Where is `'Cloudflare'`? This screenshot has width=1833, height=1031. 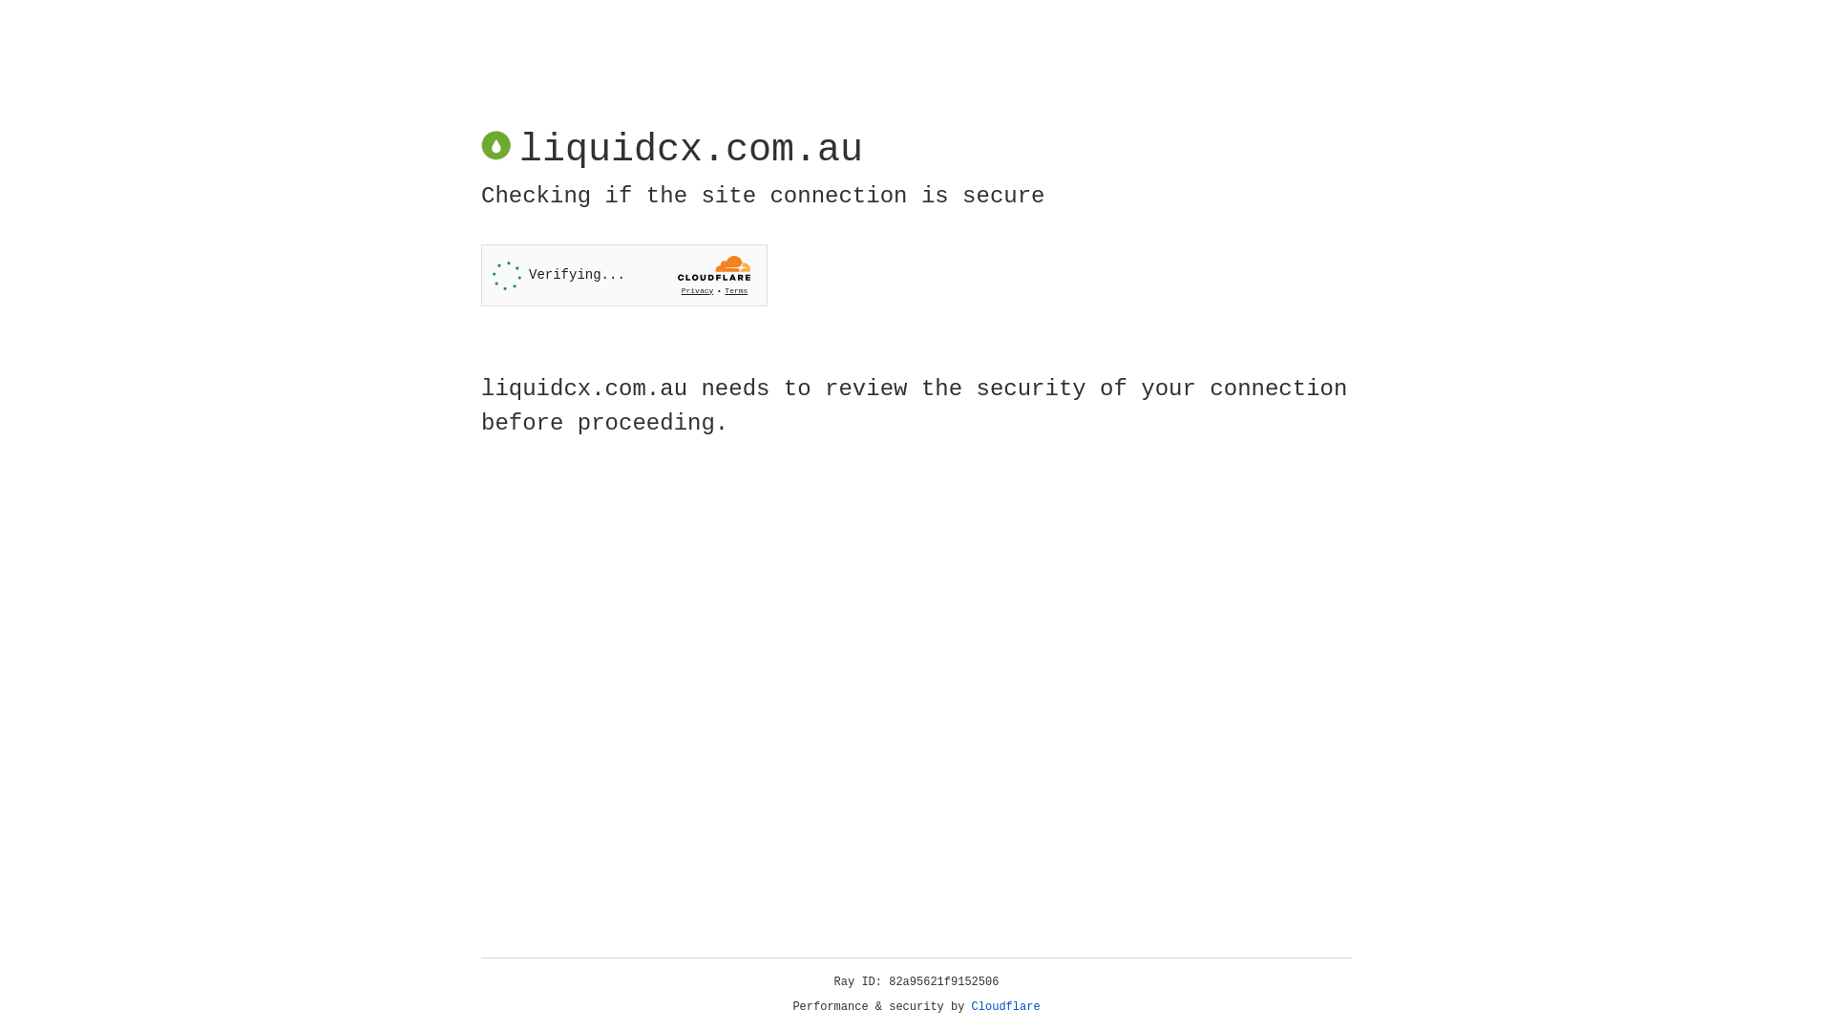
'Cloudflare' is located at coordinates (1005, 1006).